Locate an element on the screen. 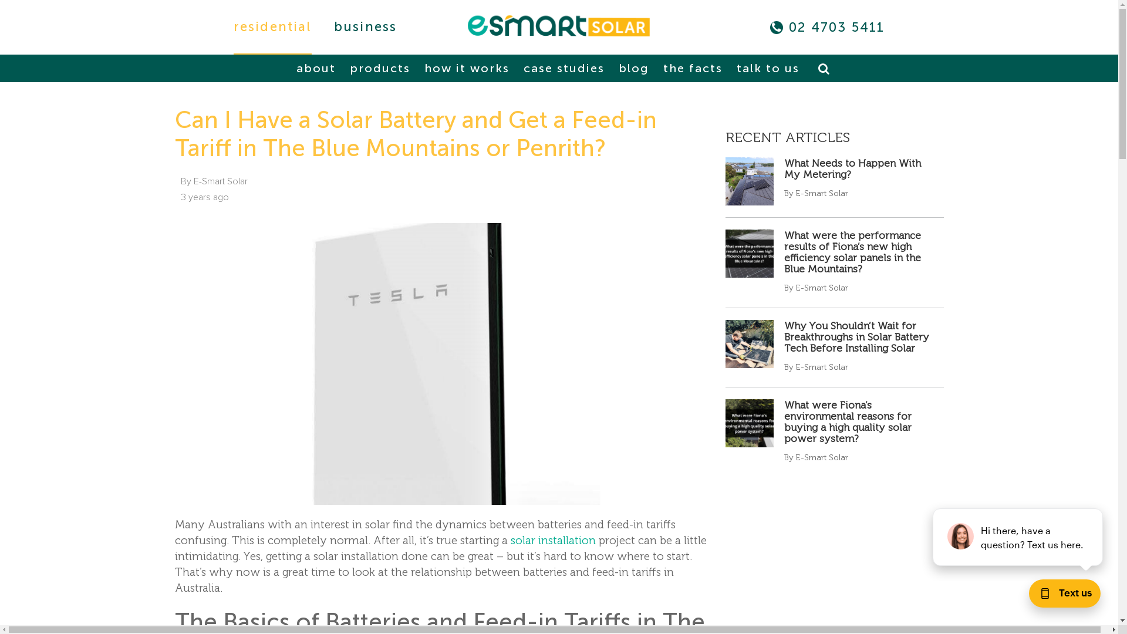 This screenshot has height=634, width=1127. 'talk to us' is located at coordinates (768, 68).